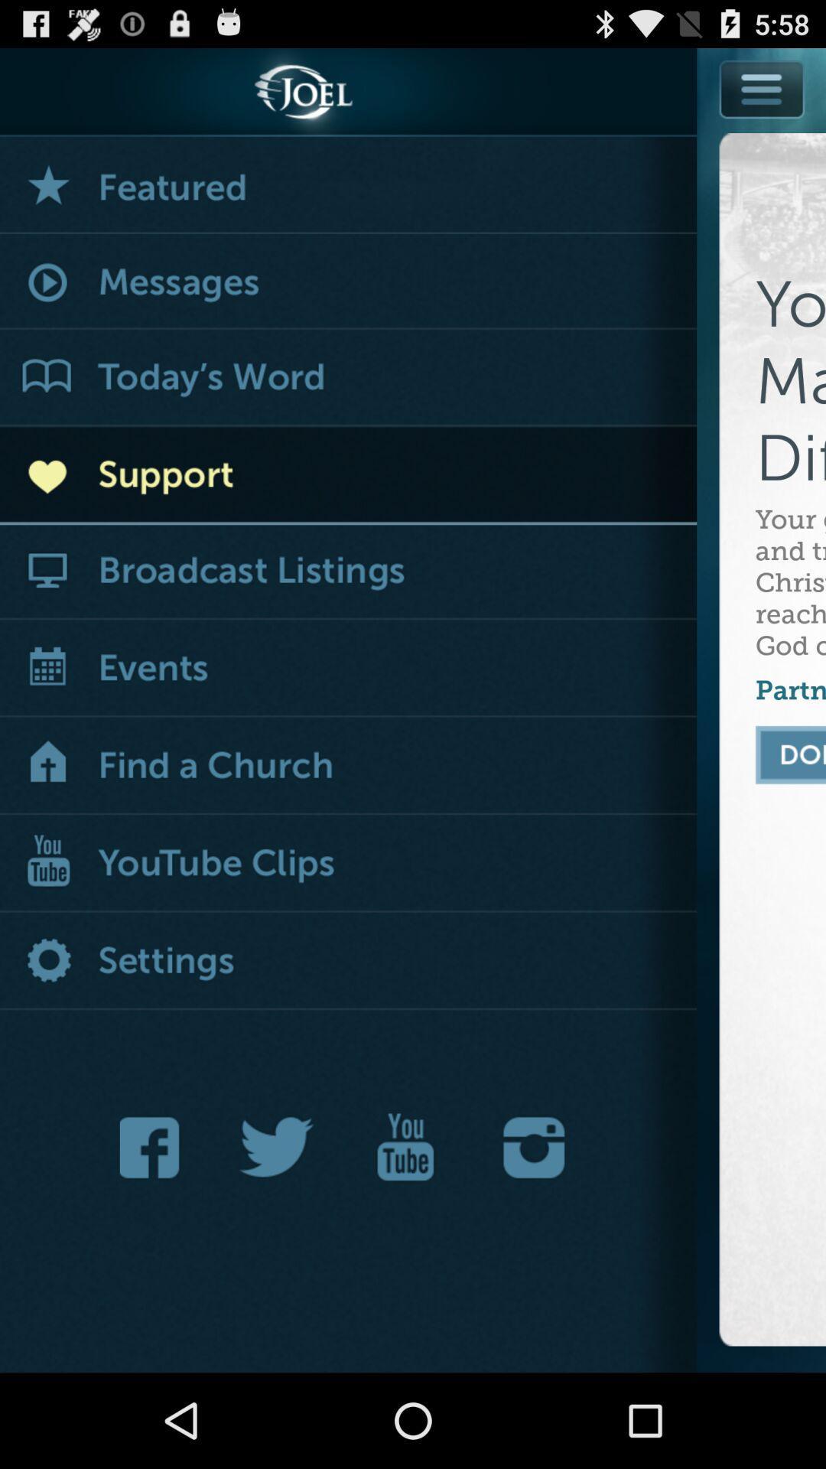 This screenshot has height=1469, width=826. I want to click on open facebook app, so click(154, 1147).